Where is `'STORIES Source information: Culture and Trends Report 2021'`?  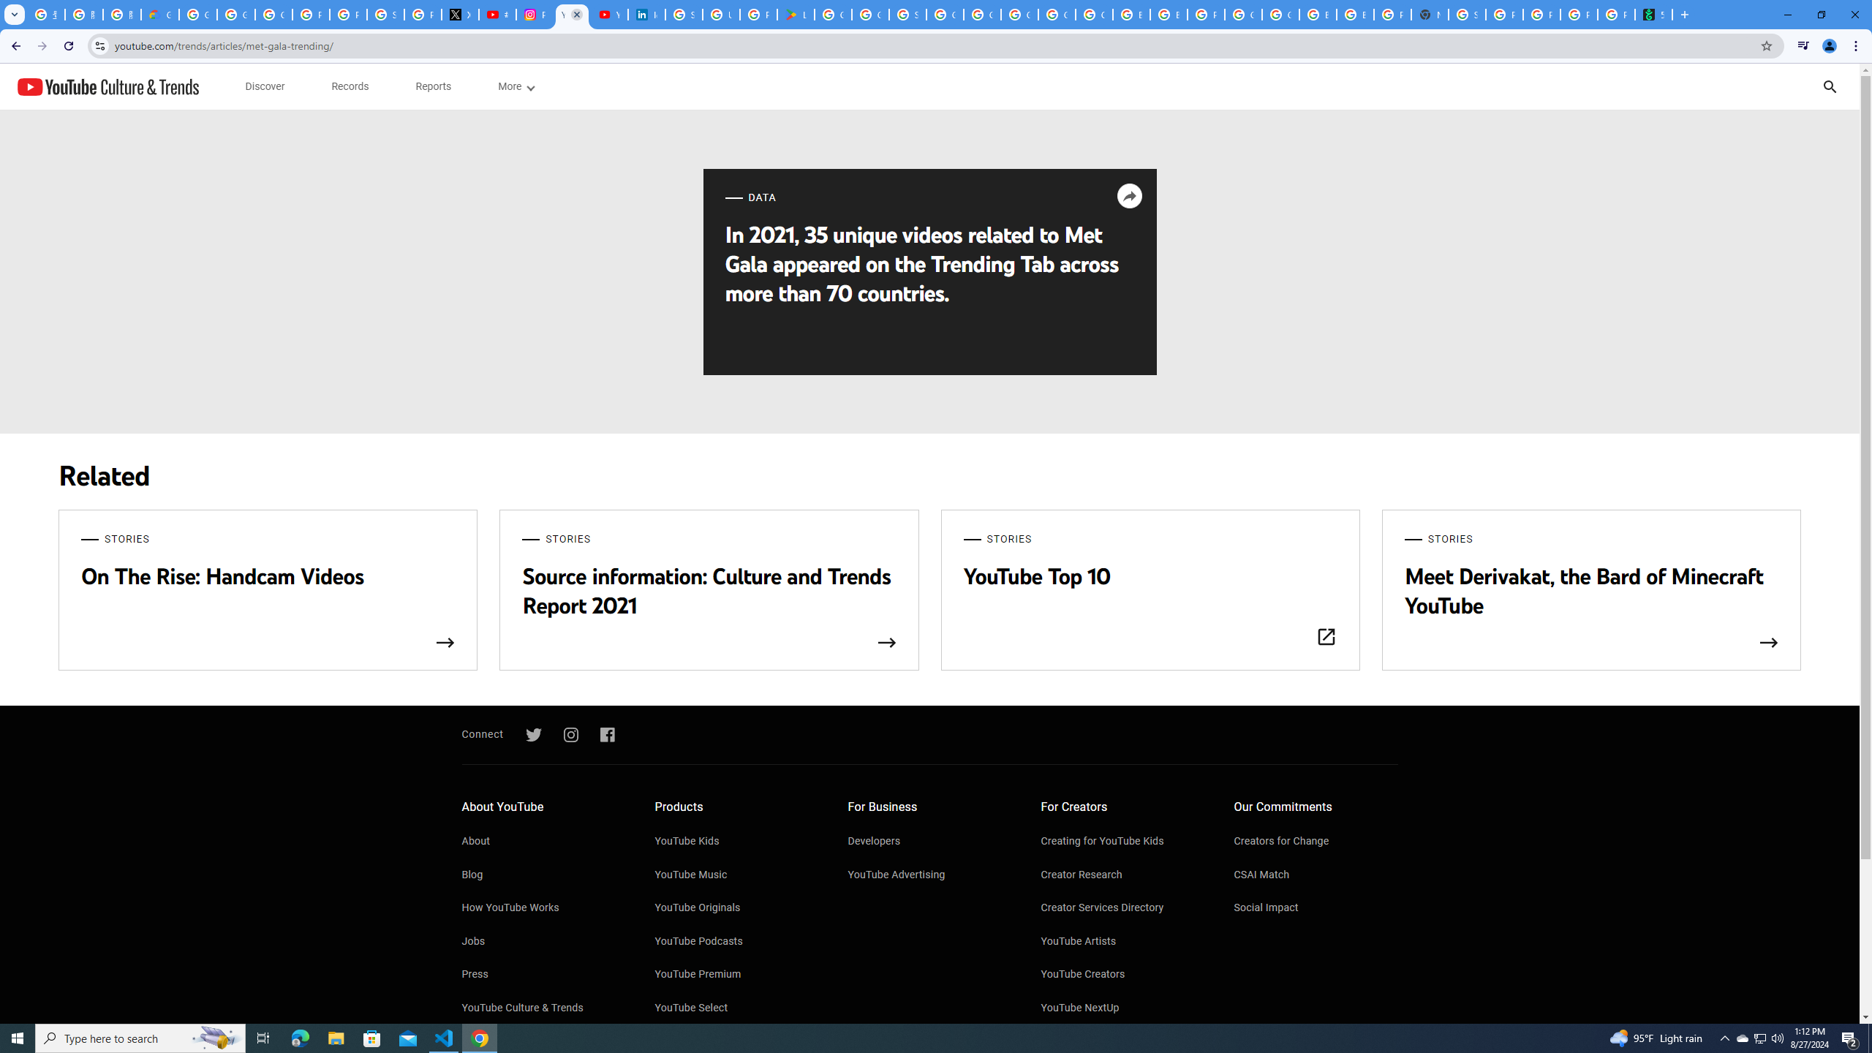
'STORIES Source information: Culture and Trends Report 2021' is located at coordinates (709, 590).